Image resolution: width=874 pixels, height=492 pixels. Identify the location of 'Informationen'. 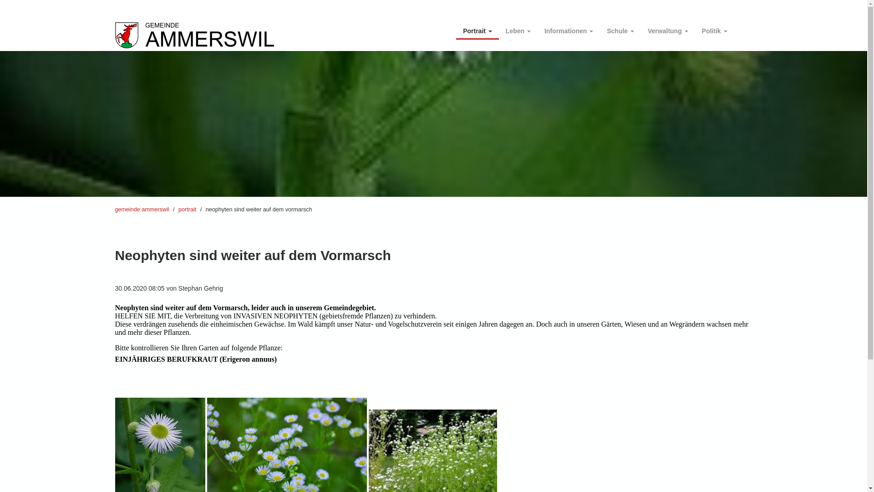
(568, 28).